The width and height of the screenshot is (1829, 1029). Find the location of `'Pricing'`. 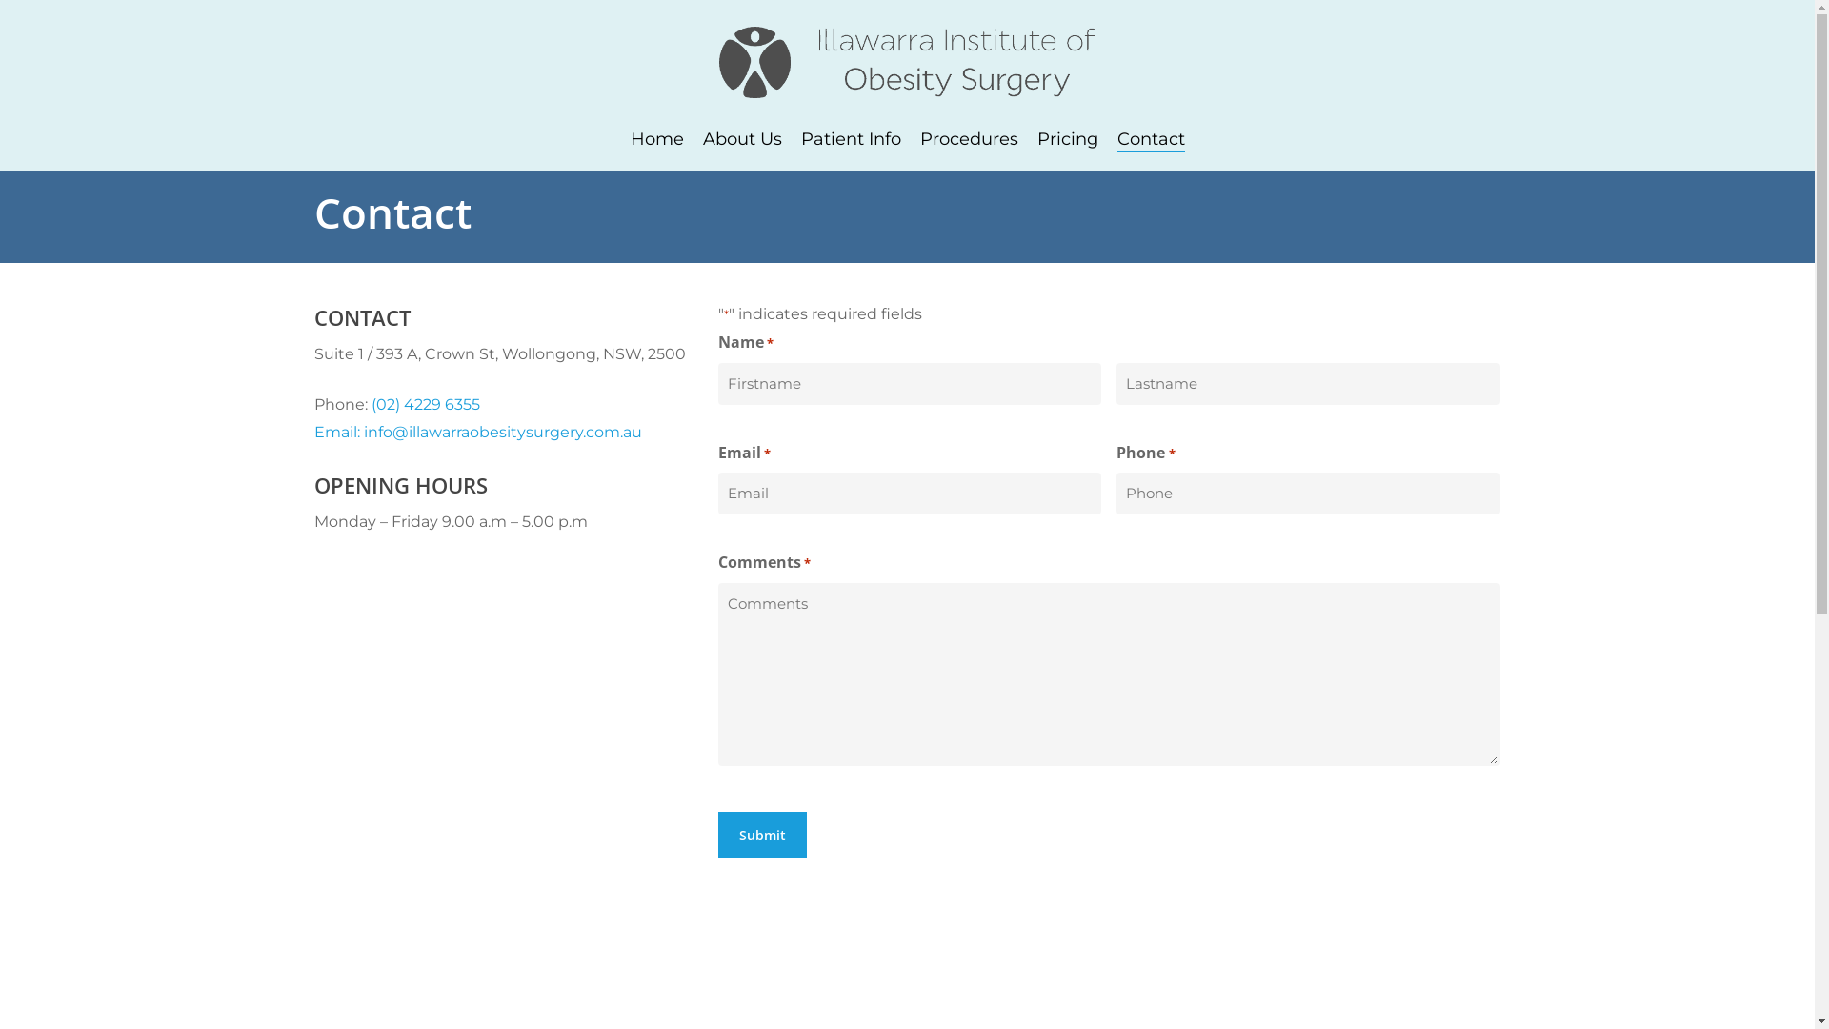

'Pricing' is located at coordinates (1065, 138).